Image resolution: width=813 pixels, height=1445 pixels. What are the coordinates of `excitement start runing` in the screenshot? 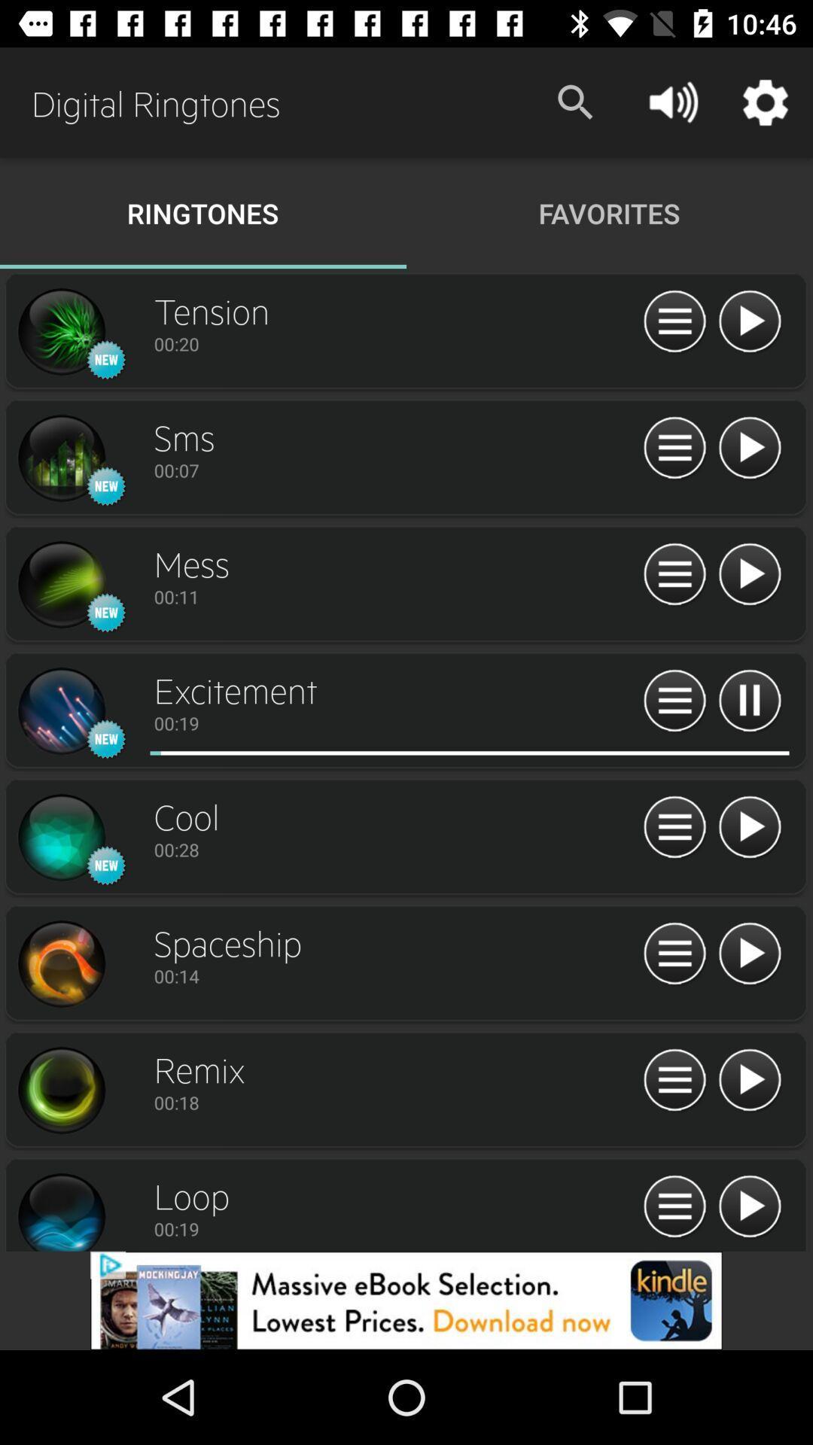 It's located at (400, 753).